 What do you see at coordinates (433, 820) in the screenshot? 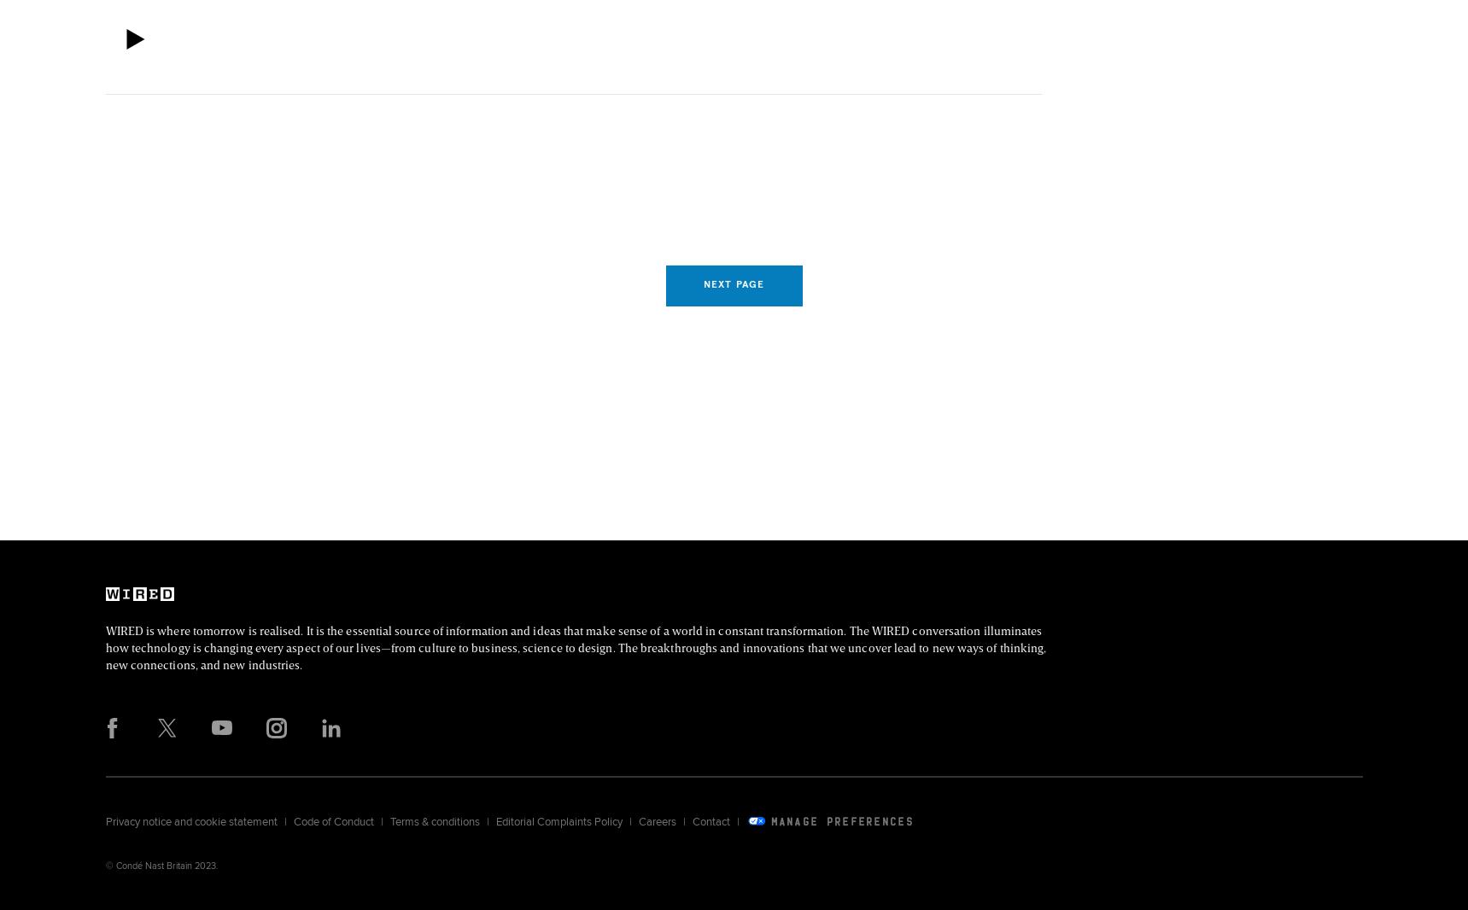
I see `'Terms & conditions'` at bounding box center [433, 820].